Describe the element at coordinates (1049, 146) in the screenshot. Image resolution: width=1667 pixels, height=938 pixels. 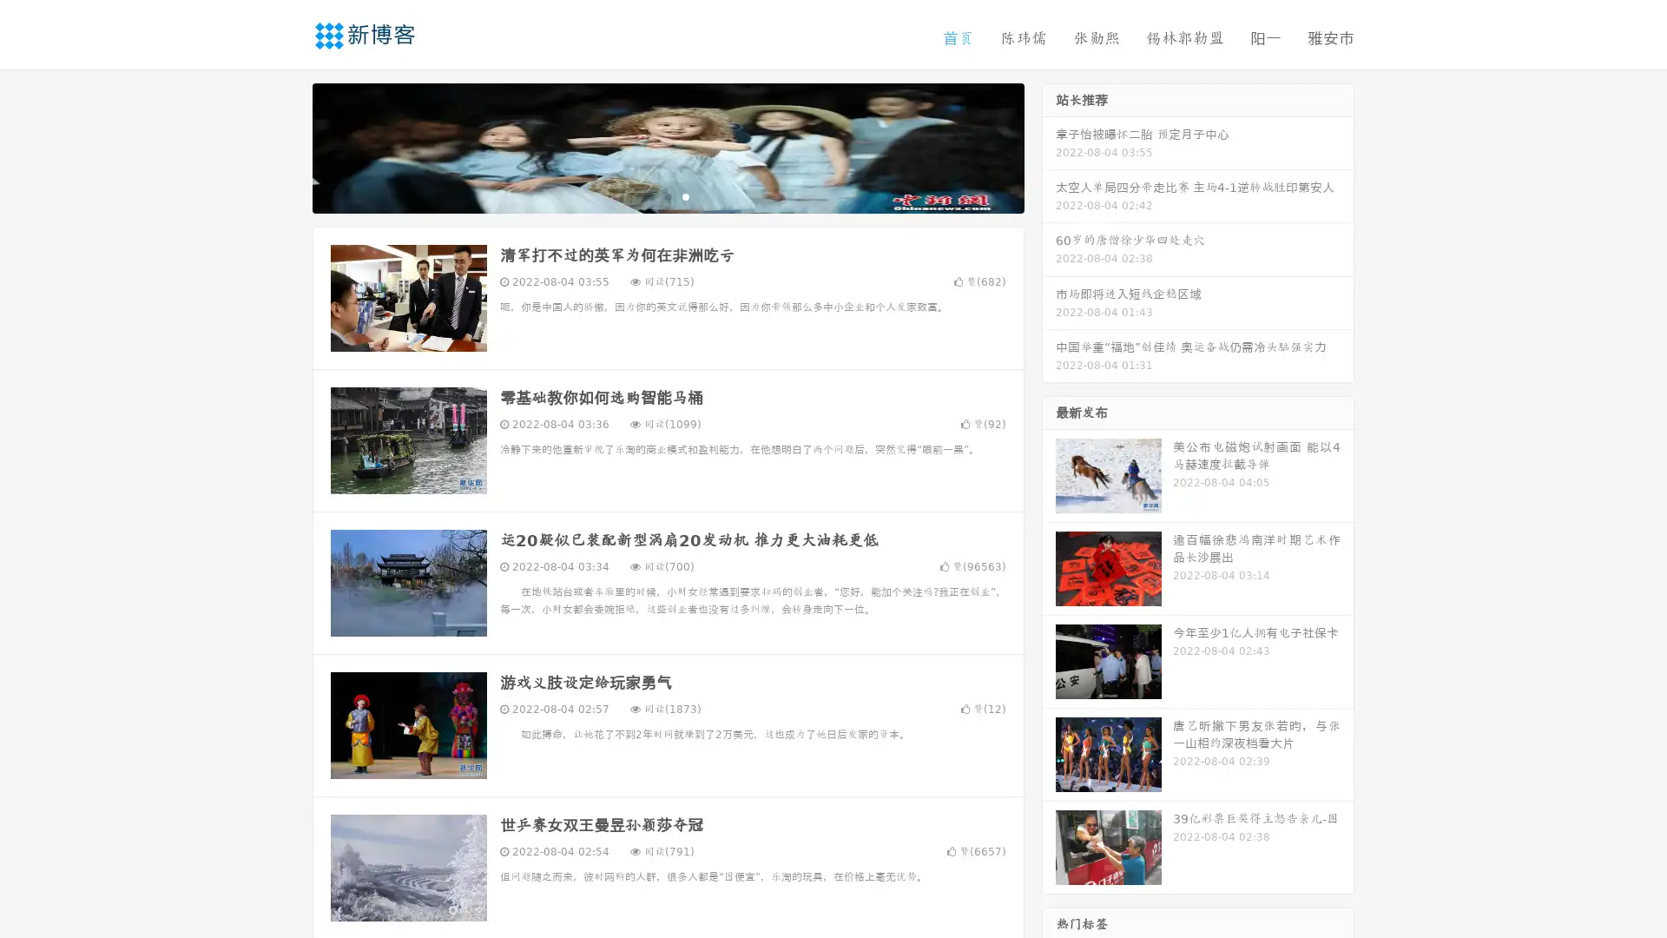
I see `Next slide` at that location.